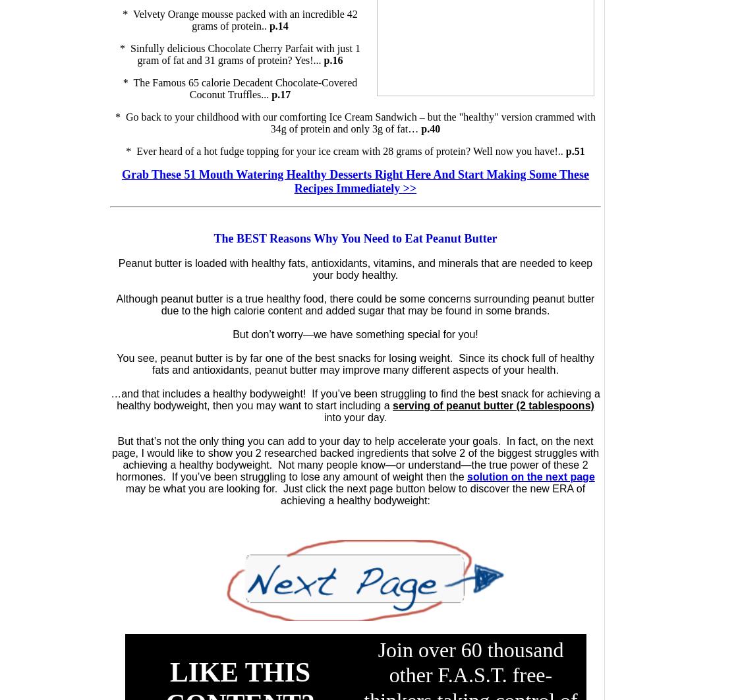  I want to click on 'serving of peanut butter (2 tablespoons)', so click(493, 405).